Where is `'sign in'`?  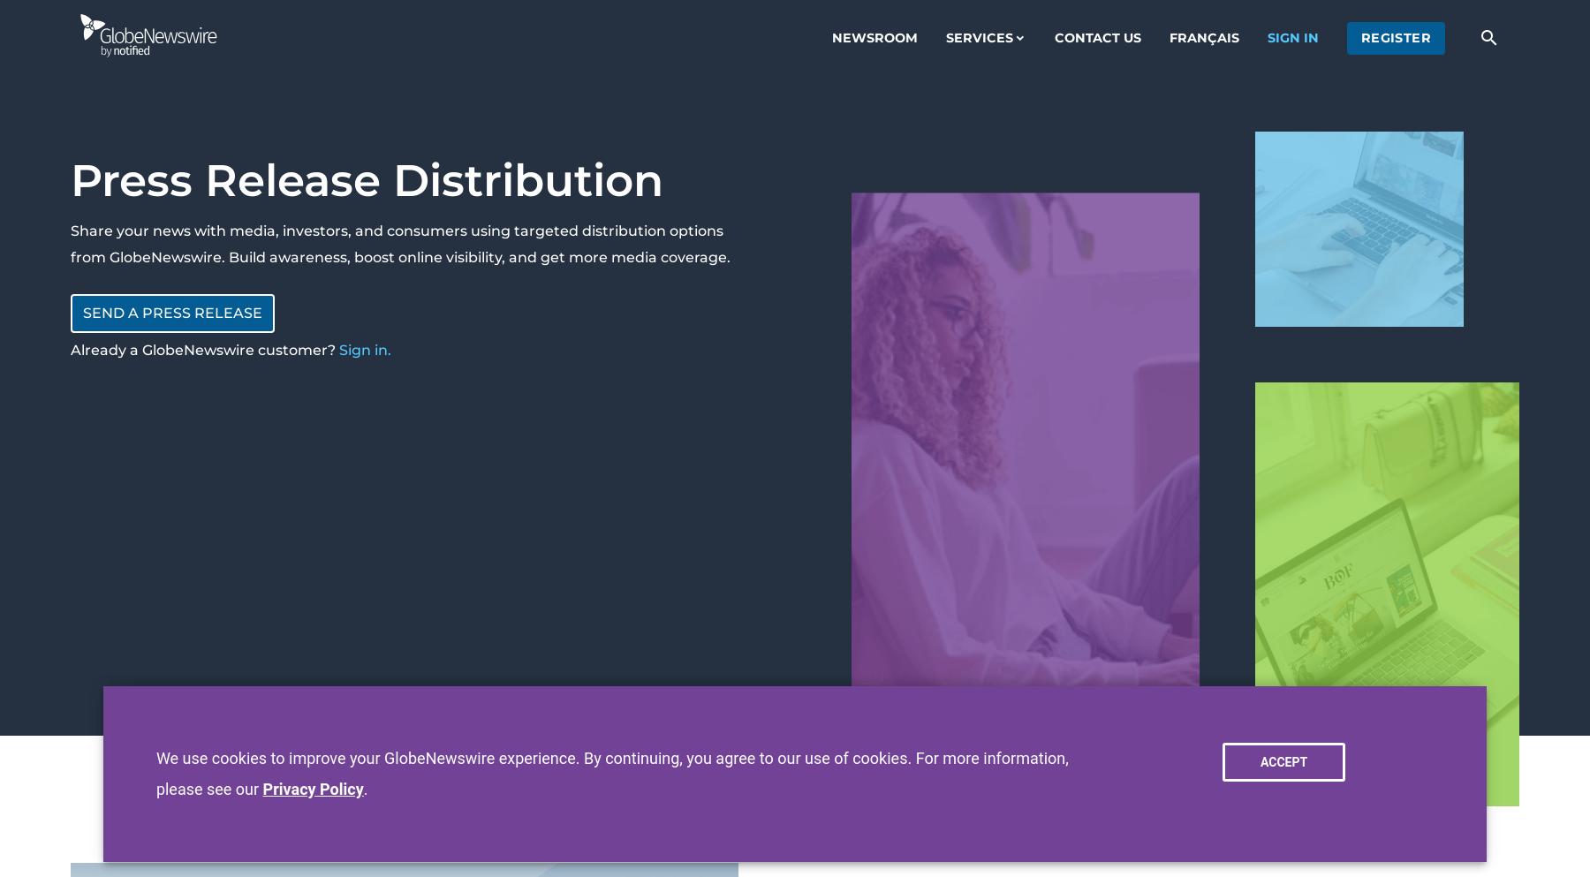 'sign in' is located at coordinates (1266, 37).